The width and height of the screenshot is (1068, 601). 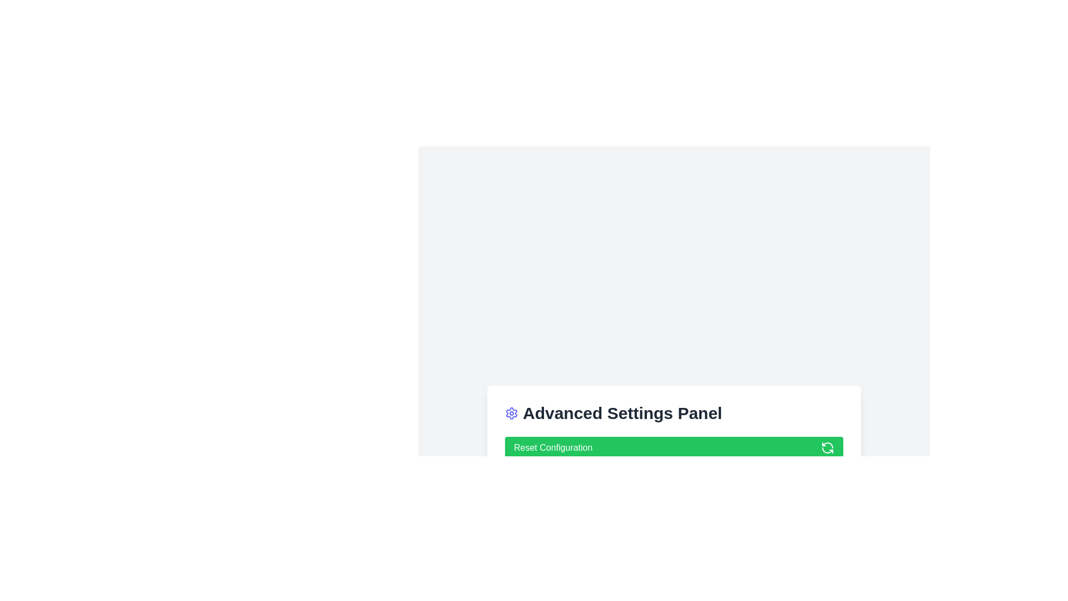 What do you see at coordinates (673, 447) in the screenshot?
I see `the 'Reset Configuration' button located` at bounding box center [673, 447].